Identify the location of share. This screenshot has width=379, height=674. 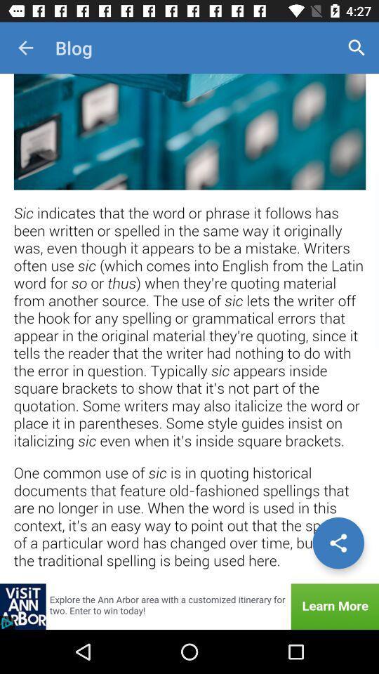
(338, 542).